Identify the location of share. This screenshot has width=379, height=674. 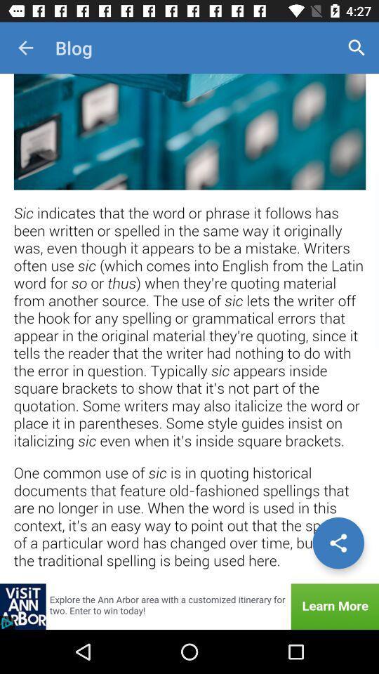
(338, 542).